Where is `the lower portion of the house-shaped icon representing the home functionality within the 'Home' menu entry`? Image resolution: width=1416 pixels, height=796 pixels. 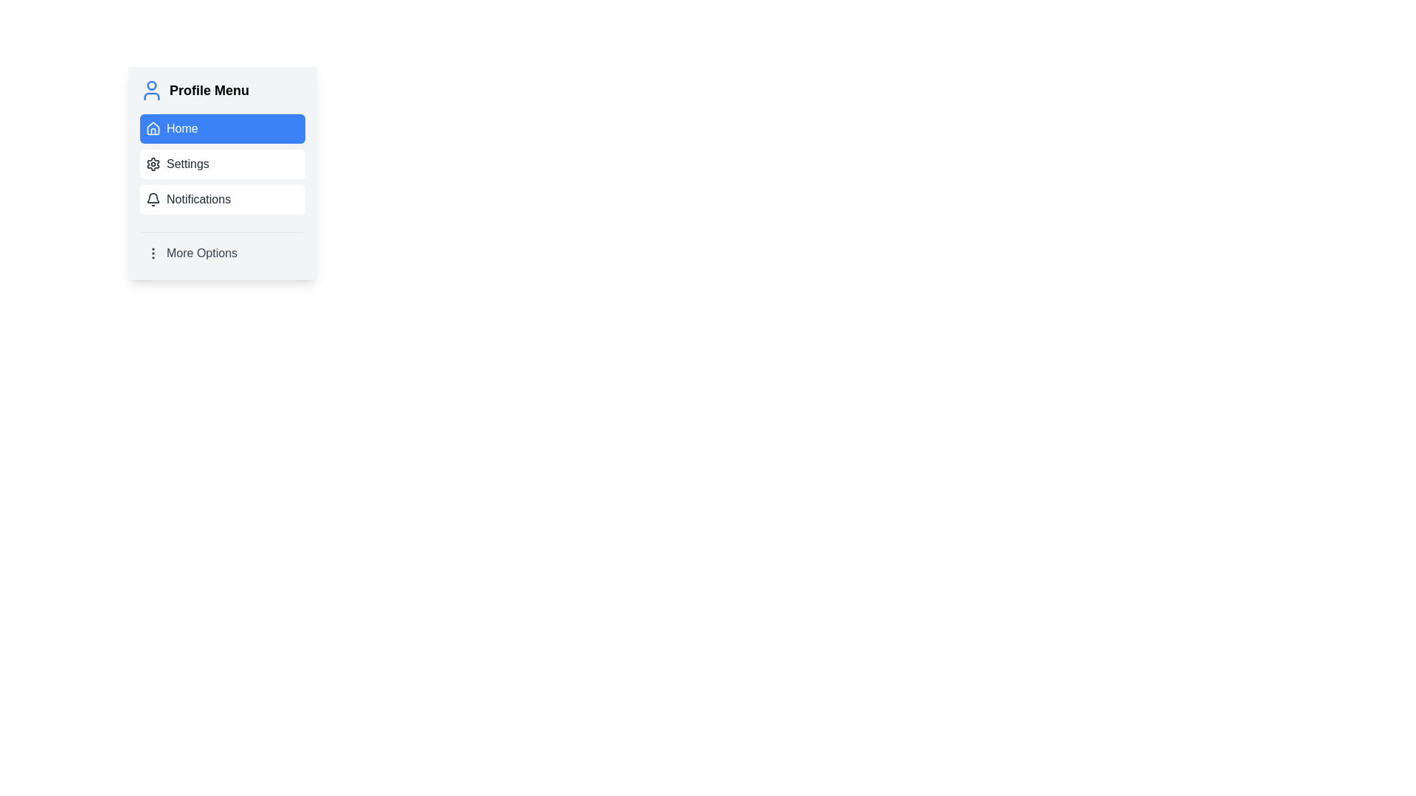
the lower portion of the house-shaped icon representing the home functionality within the 'Home' menu entry is located at coordinates (153, 127).